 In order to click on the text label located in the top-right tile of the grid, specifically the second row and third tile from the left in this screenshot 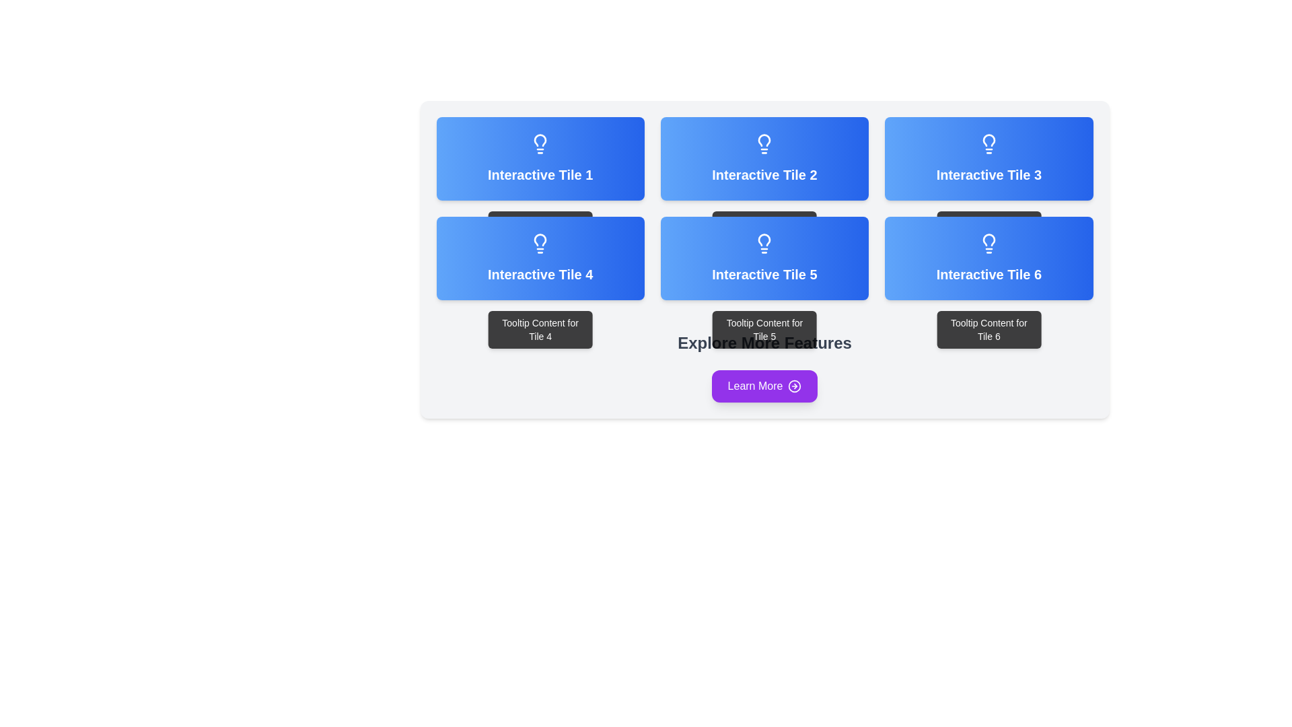, I will do `click(989, 174)`.